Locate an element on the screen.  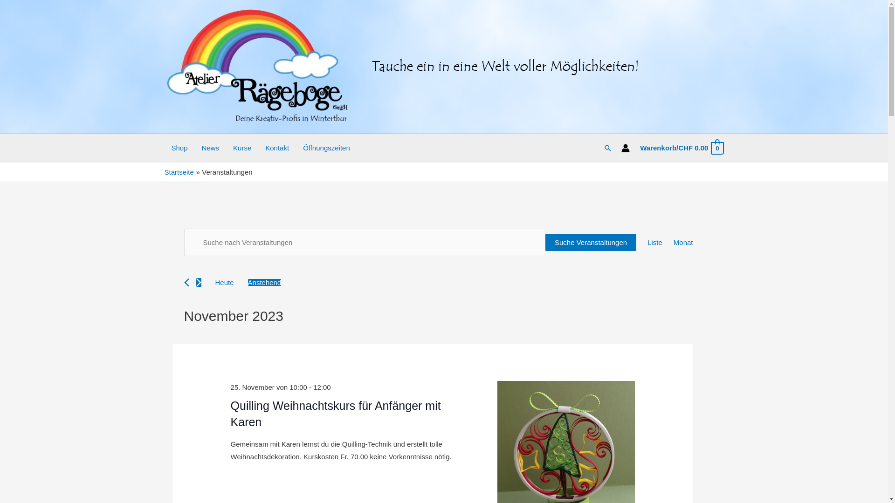
'Suche' is located at coordinates (608, 147).